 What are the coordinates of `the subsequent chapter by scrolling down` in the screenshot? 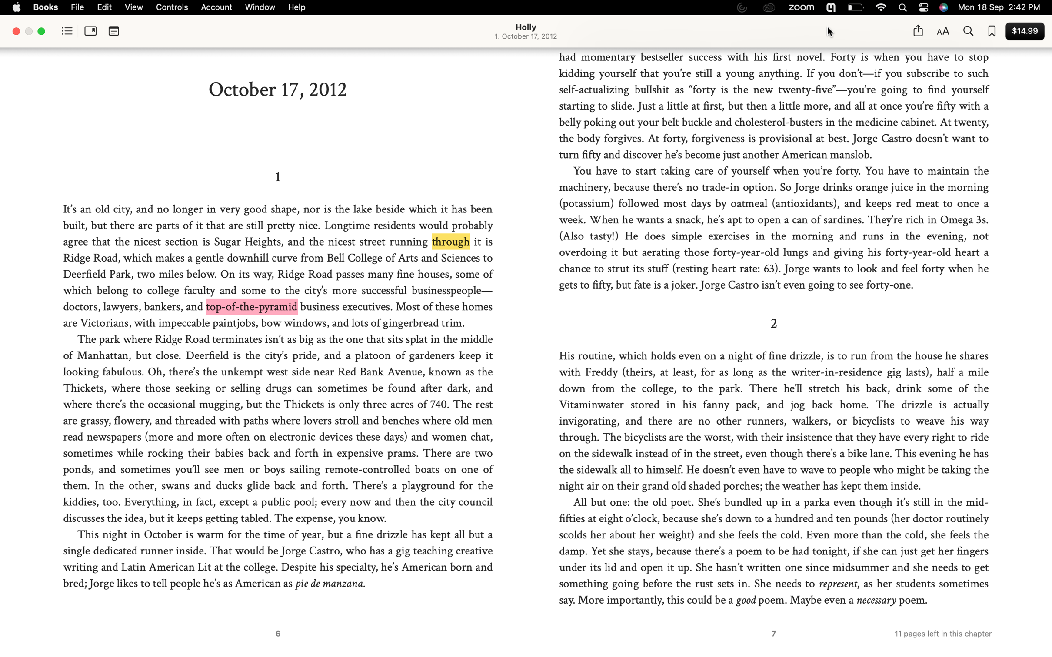 It's located at (219342, 66028).